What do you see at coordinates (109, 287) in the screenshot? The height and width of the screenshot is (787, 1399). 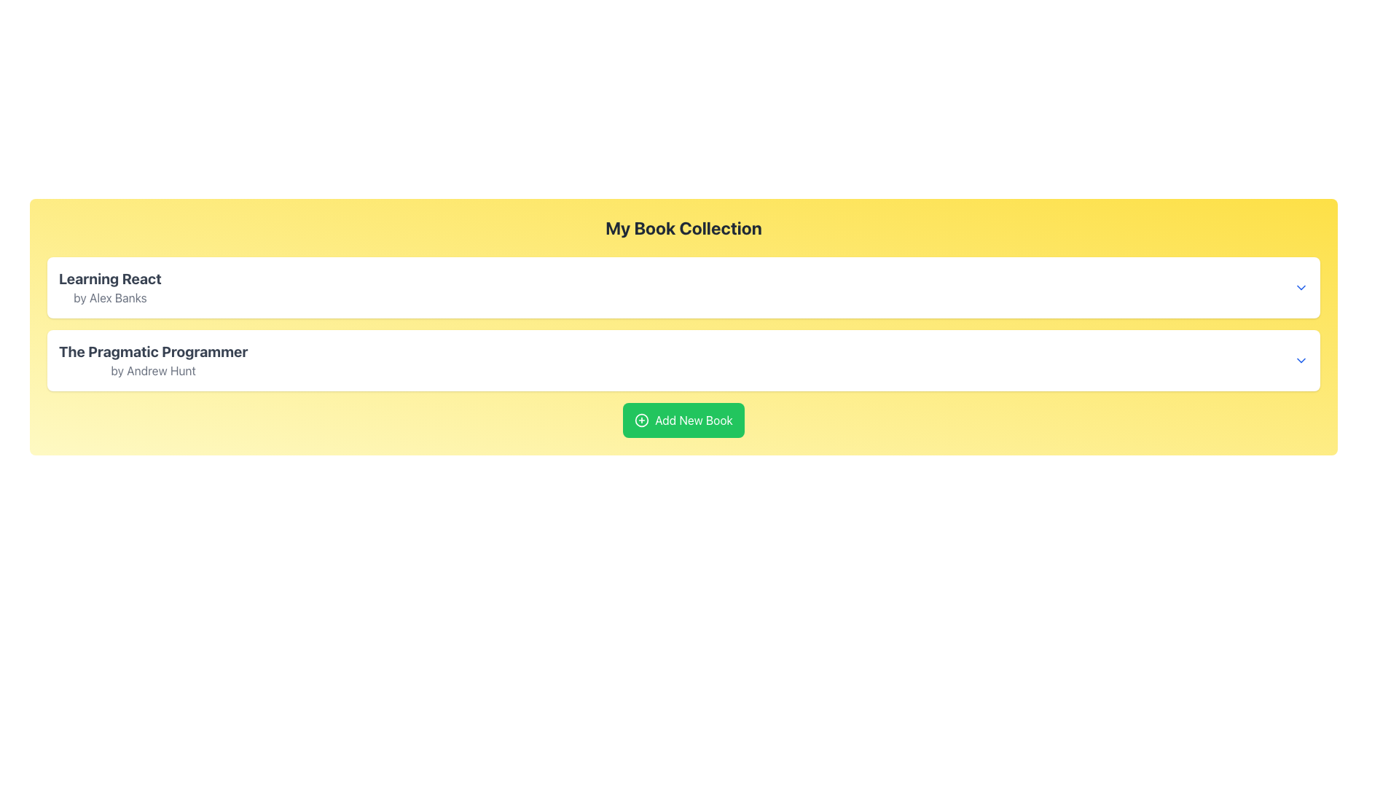 I see `the Text Block displaying 'Learning React' and 'by Alex Banks', which is located in the upper left part of its containing box on a yellow background` at bounding box center [109, 287].